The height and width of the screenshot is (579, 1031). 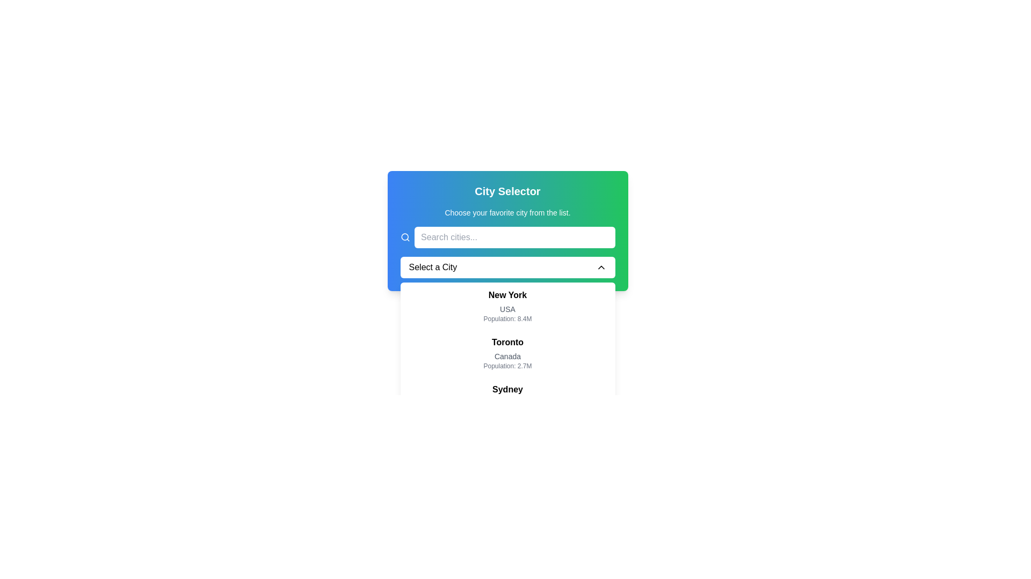 What do you see at coordinates (507, 252) in the screenshot?
I see `the dropdown menu trigger labeled 'Select a City'` at bounding box center [507, 252].